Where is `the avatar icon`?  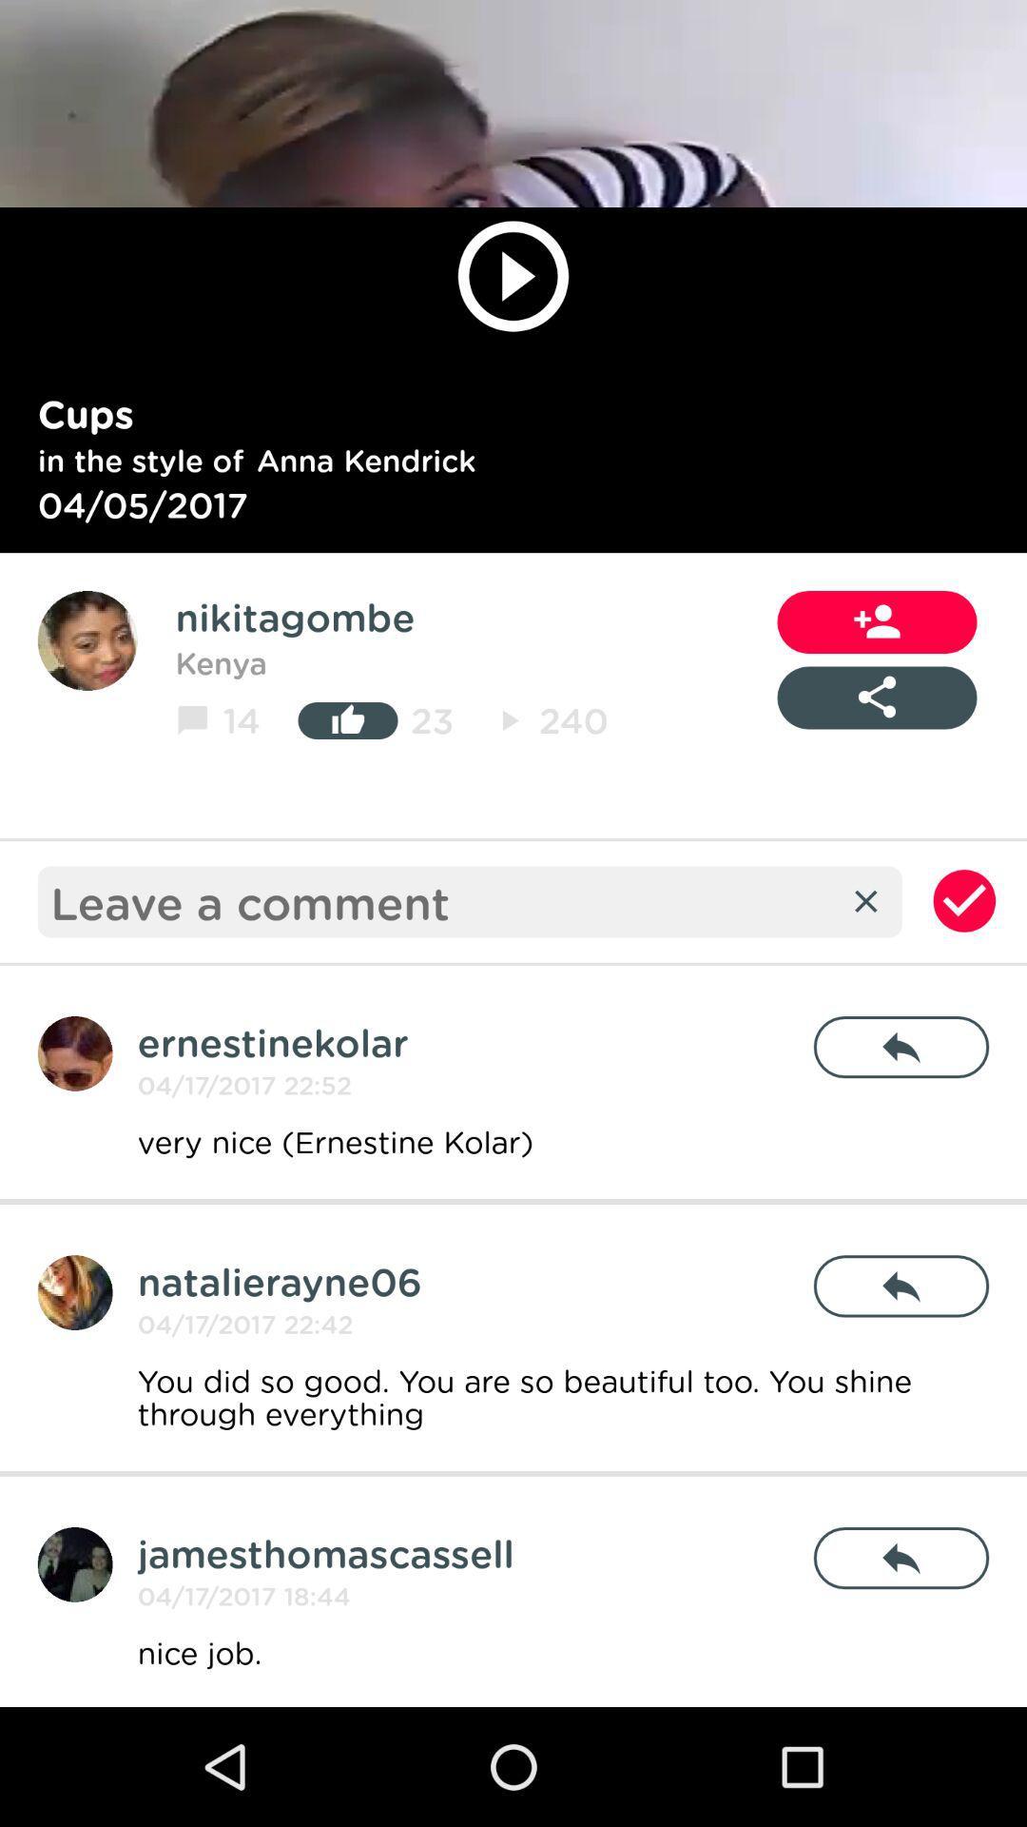 the avatar icon is located at coordinates (87, 640).